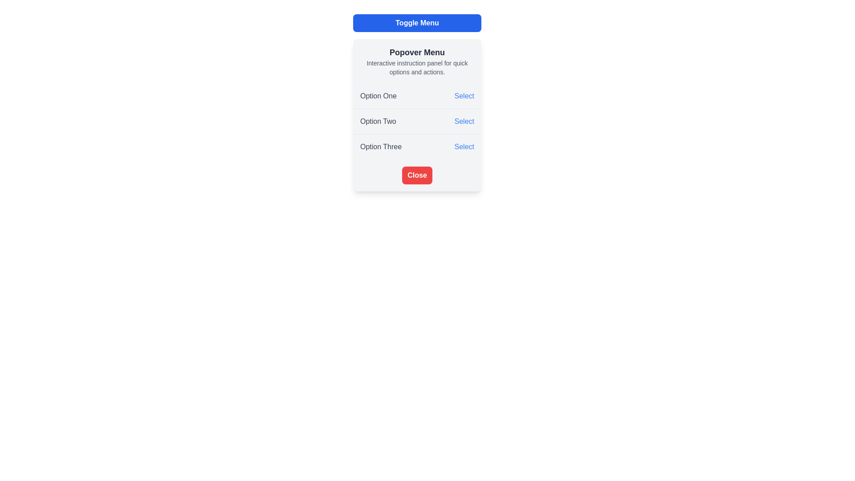  What do you see at coordinates (416, 67) in the screenshot?
I see `the text display that reads 'Interactive instruction panel for quick options and actions.', located directly below 'Popover Menu' within the popover panel` at bounding box center [416, 67].